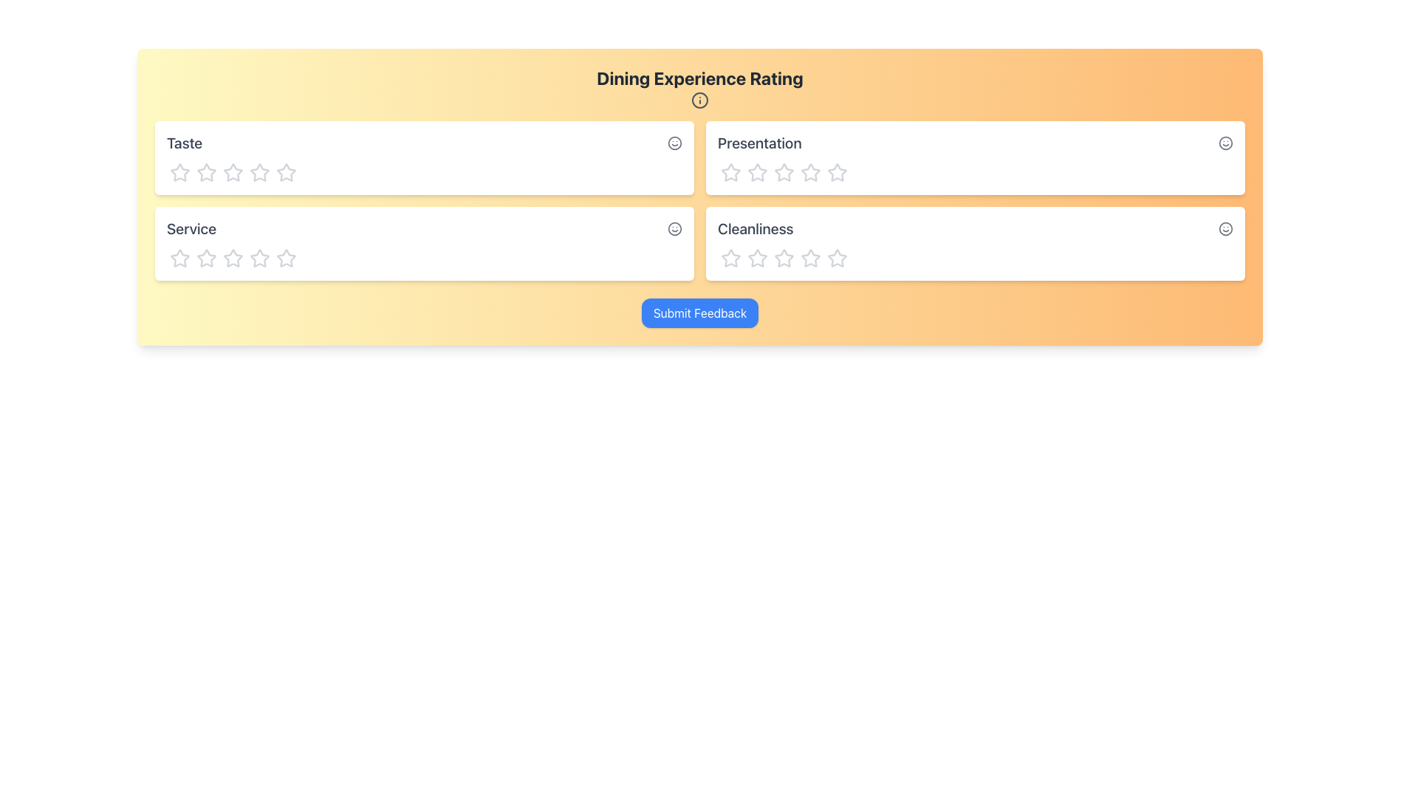 The image size is (1418, 798). Describe the element at coordinates (837, 256) in the screenshot. I see `the sixth star icon in the 'Cleanliness' section of the 'Dining Experience Rating' form` at that location.